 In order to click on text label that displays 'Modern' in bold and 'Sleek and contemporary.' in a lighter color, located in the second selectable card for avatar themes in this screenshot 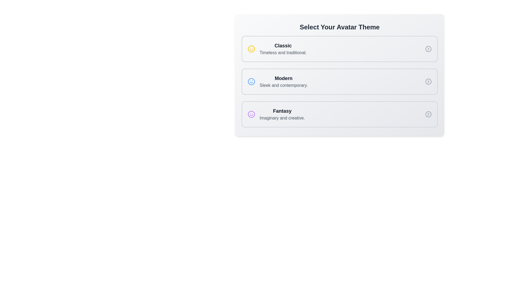, I will do `click(283, 82)`.